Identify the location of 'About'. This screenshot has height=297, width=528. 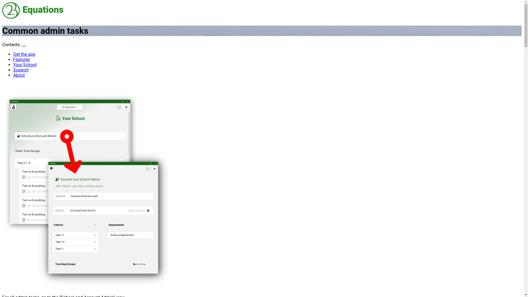
(13, 75).